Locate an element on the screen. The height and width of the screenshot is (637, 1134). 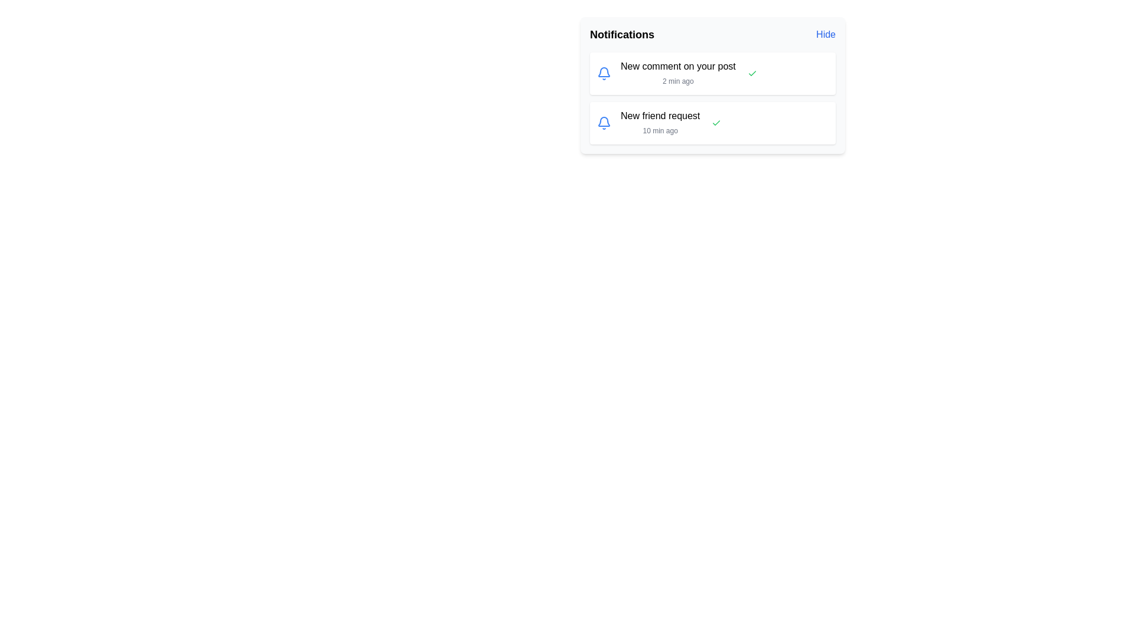
the button at the top-right corner of the 'Notifications' section is located at coordinates (825, 34).